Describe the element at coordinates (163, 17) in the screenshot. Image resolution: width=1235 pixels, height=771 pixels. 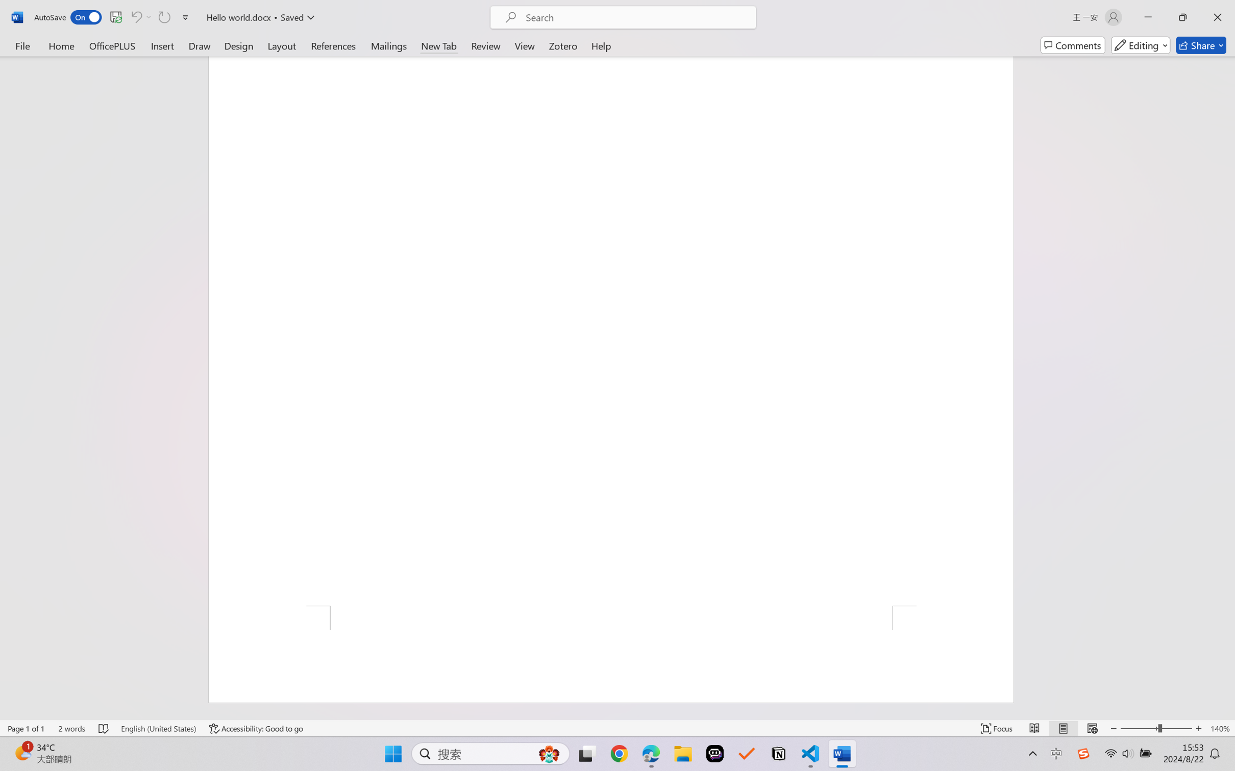
I see `'Can'` at that location.